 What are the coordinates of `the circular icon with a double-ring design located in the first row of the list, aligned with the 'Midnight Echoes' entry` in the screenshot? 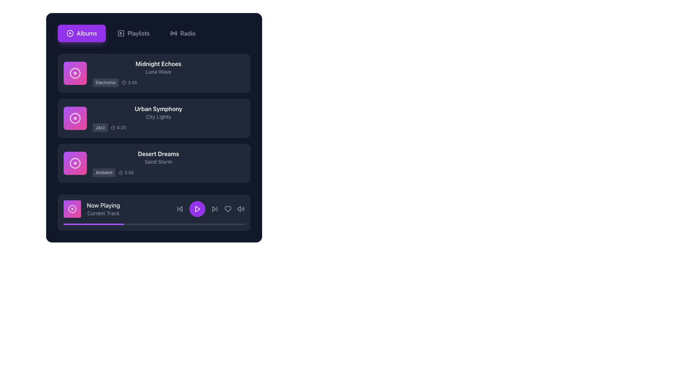 It's located at (75, 73).